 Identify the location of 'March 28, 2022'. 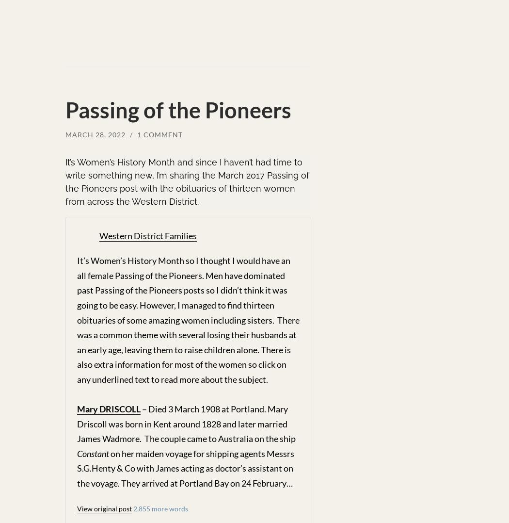
(65, 134).